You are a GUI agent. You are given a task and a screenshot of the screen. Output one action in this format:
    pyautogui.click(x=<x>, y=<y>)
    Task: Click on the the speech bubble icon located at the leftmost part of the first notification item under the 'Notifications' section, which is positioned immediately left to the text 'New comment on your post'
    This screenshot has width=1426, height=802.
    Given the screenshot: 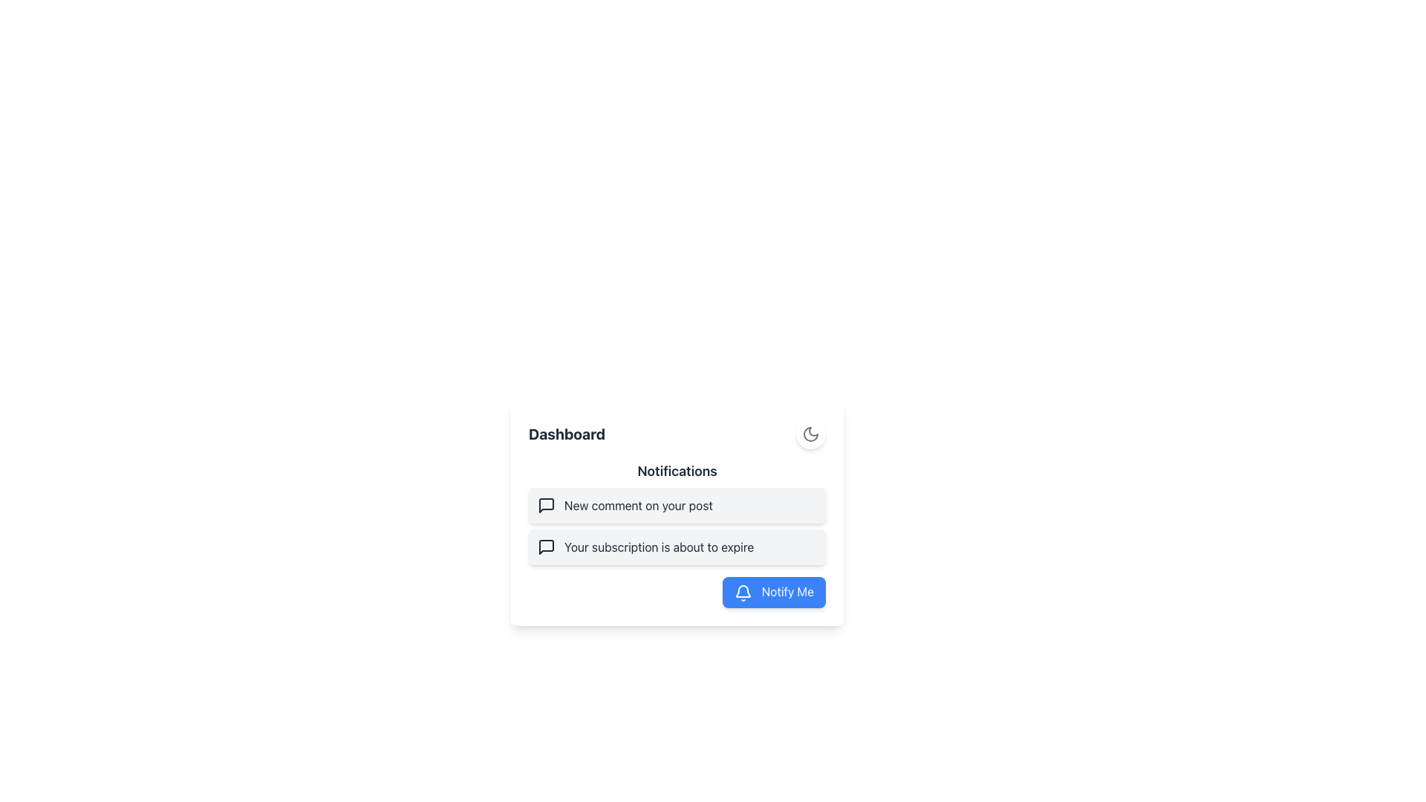 What is the action you would take?
    pyautogui.click(x=545, y=505)
    